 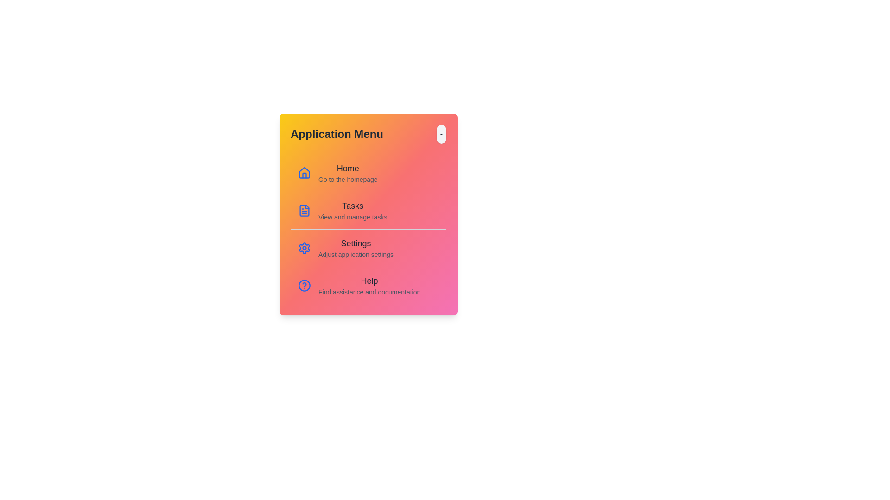 What do you see at coordinates (368, 247) in the screenshot?
I see `the menu item corresponding to Settings` at bounding box center [368, 247].